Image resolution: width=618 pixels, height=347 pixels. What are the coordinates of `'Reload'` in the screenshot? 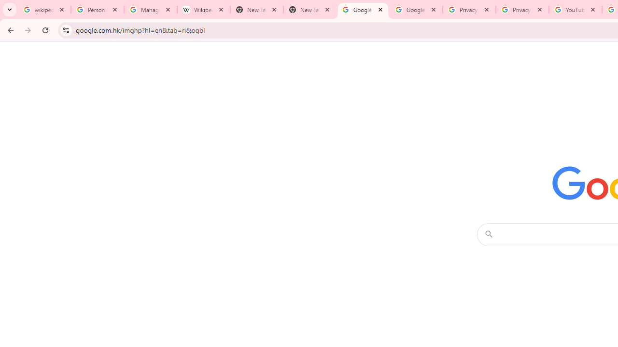 It's located at (45, 29).